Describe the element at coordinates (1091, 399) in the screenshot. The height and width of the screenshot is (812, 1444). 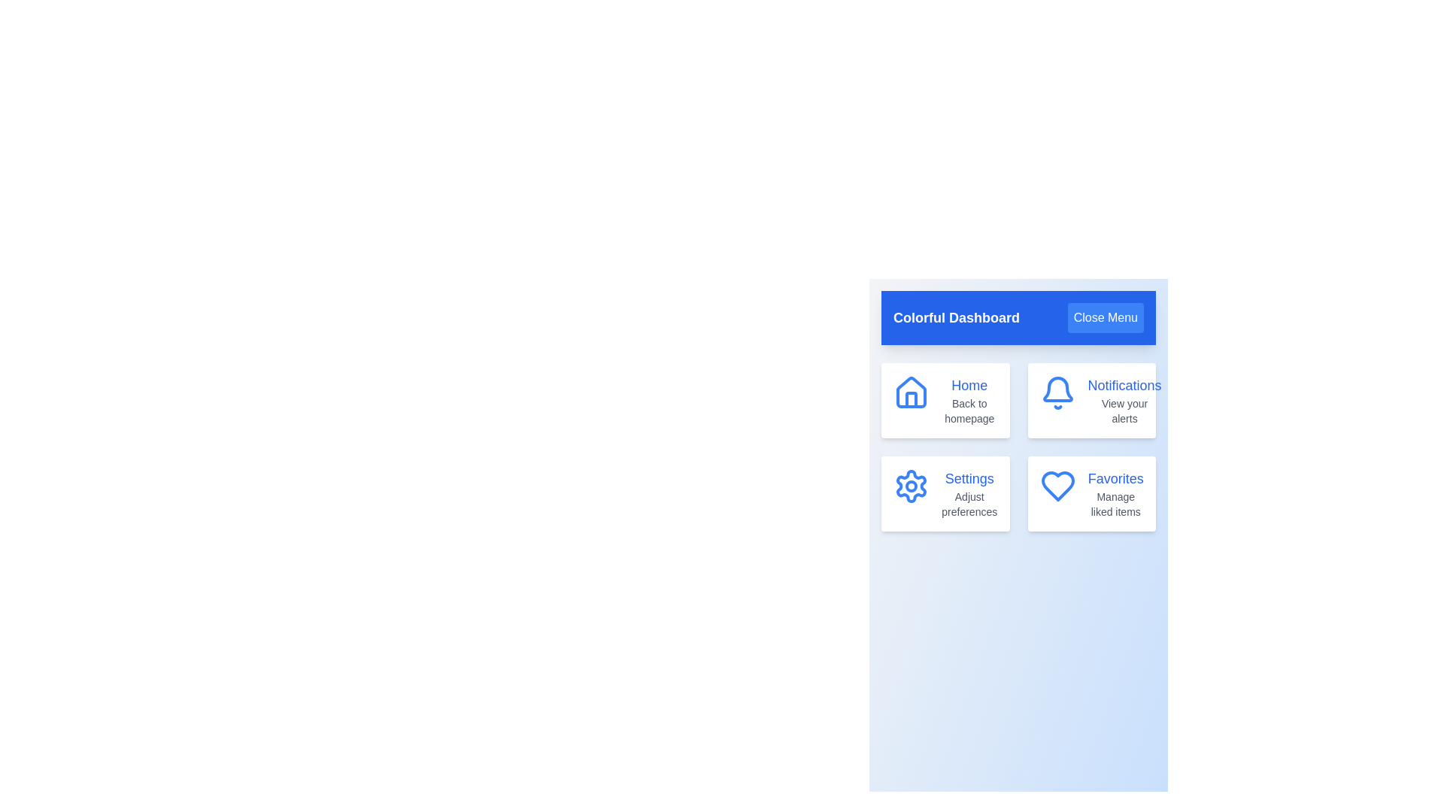
I see `the menu item corresponding to Notifications` at that location.